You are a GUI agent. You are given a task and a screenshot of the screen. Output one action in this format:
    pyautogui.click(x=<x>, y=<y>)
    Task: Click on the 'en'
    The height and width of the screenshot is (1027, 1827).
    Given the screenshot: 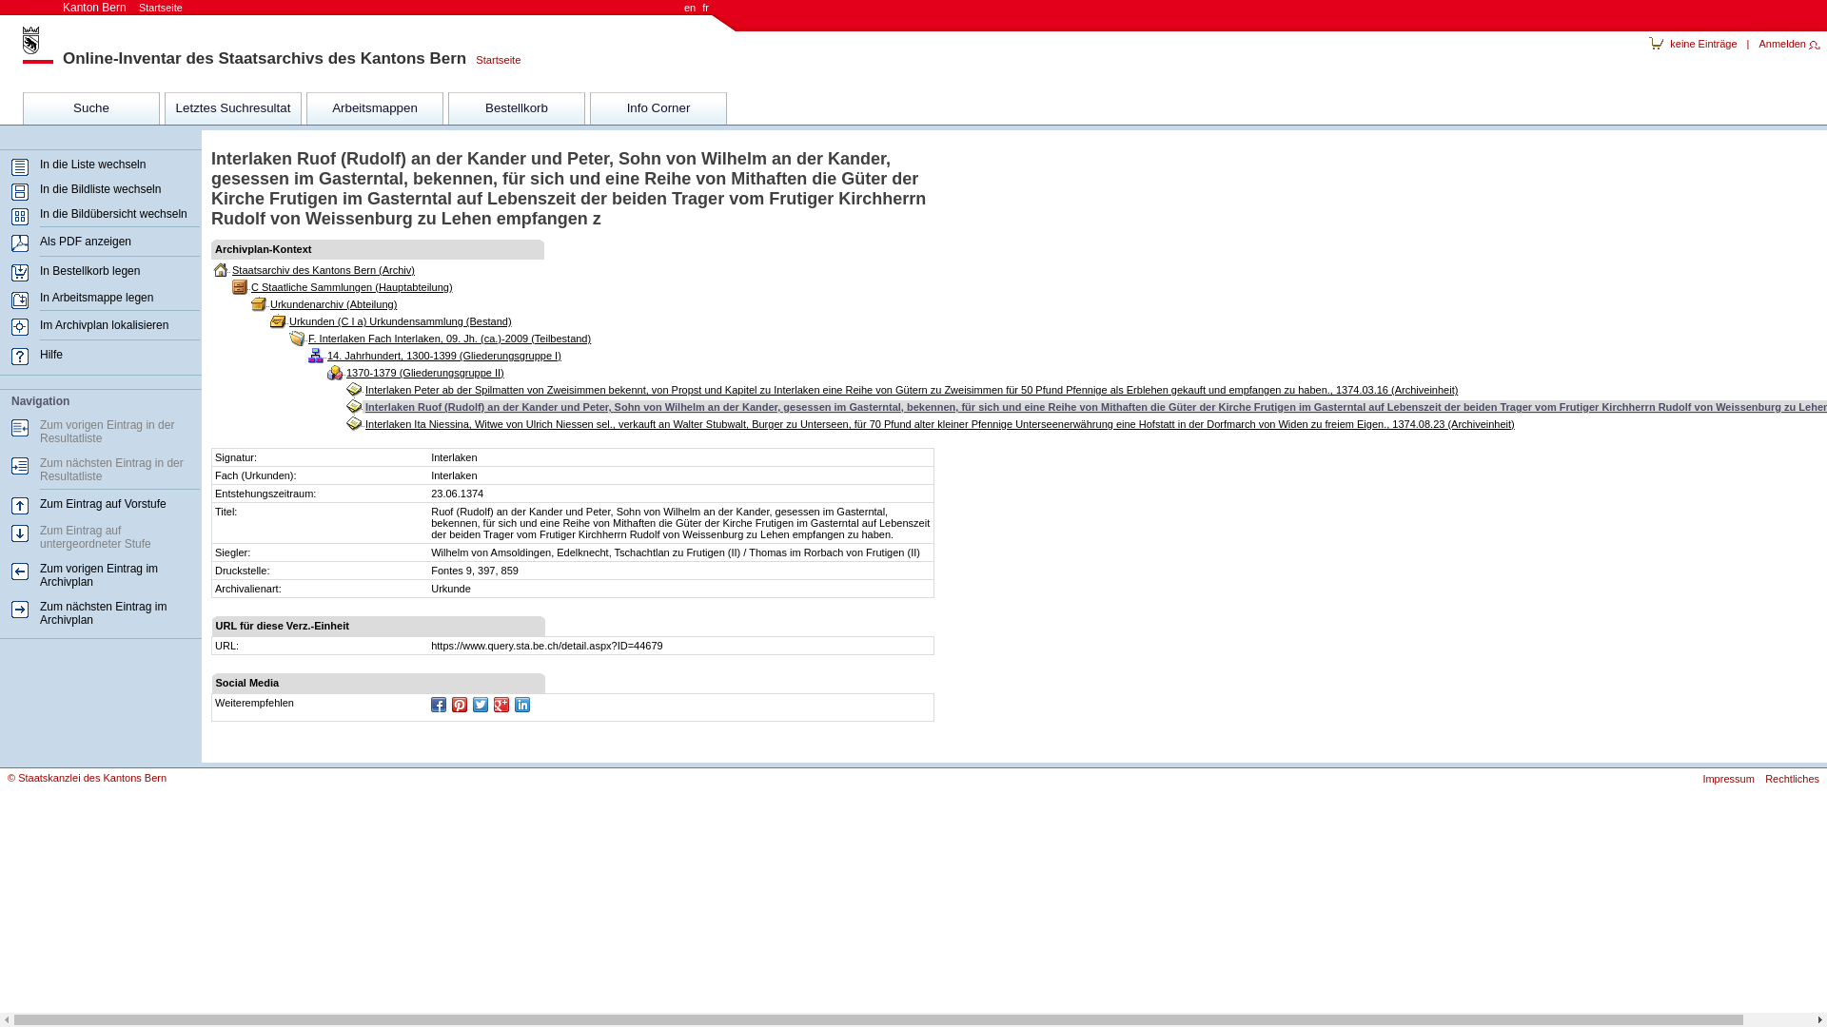 What is the action you would take?
    pyautogui.click(x=688, y=7)
    